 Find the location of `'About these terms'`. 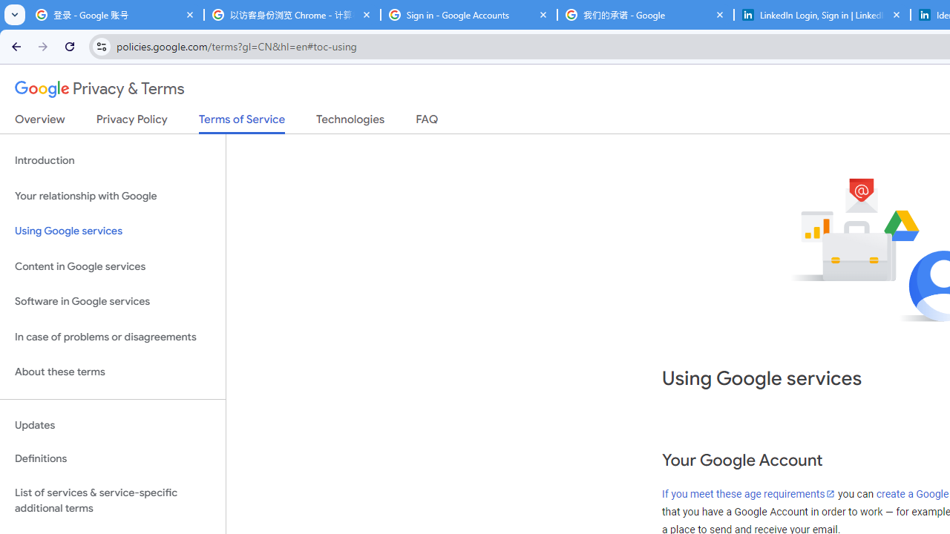

'About these terms' is located at coordinates (112, 372).